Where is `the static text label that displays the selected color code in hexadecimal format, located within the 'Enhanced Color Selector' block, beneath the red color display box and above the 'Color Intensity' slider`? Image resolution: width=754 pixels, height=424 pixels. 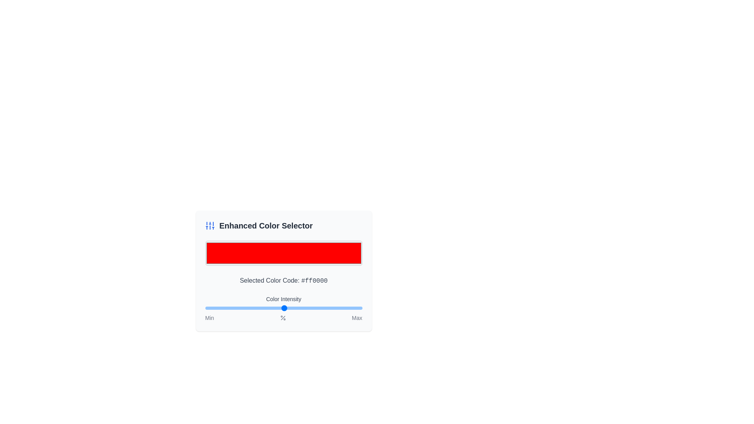 the static text label that displays the selected color code in hexadecimal format, located within the 'Enhanced Color Selector' block, beneath the red color display box and above the 'Color Intensity' slider is located at coordinates (283, 280).